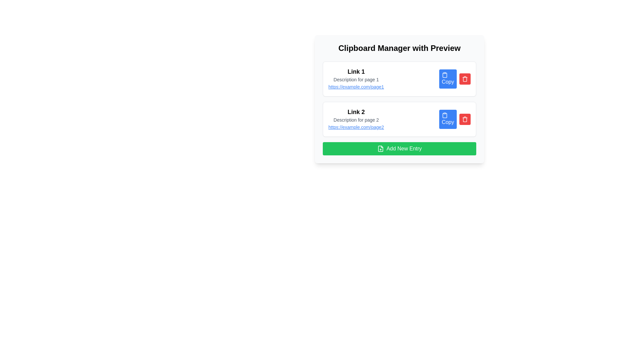  What do you see at coordinates (454, 119) in the screenshot?
I see `the second 'Copy' button located to the right of the 'Link 2Description for page 2https://example.com/page2' section` at bounding box center [454, 119].